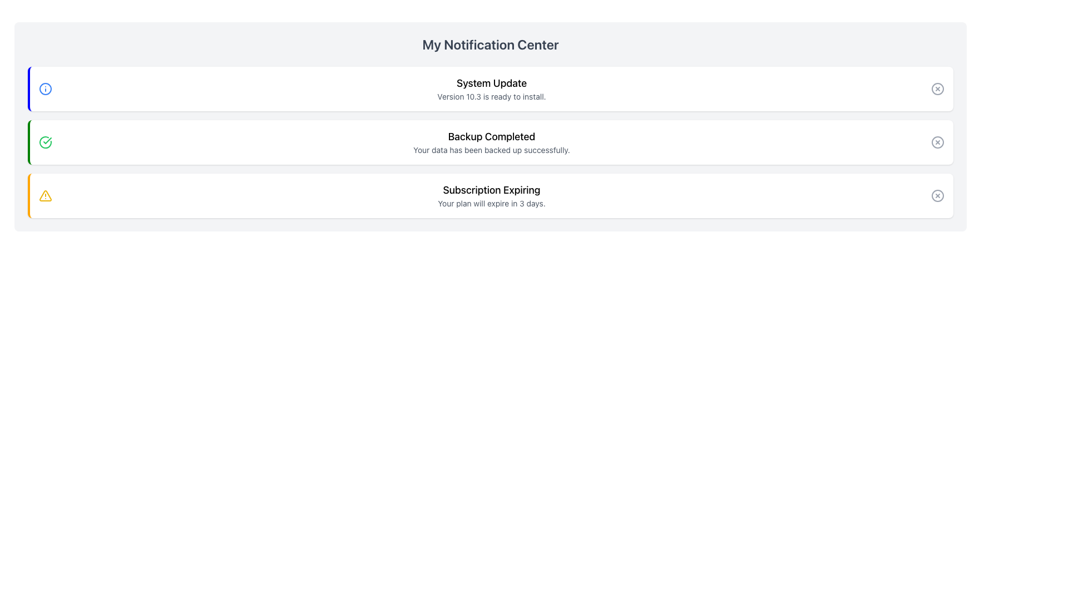  I want to click on the circular SVG graphic that is part of the info icon located at the topmost 'System Update' notification, so click(44, 88).